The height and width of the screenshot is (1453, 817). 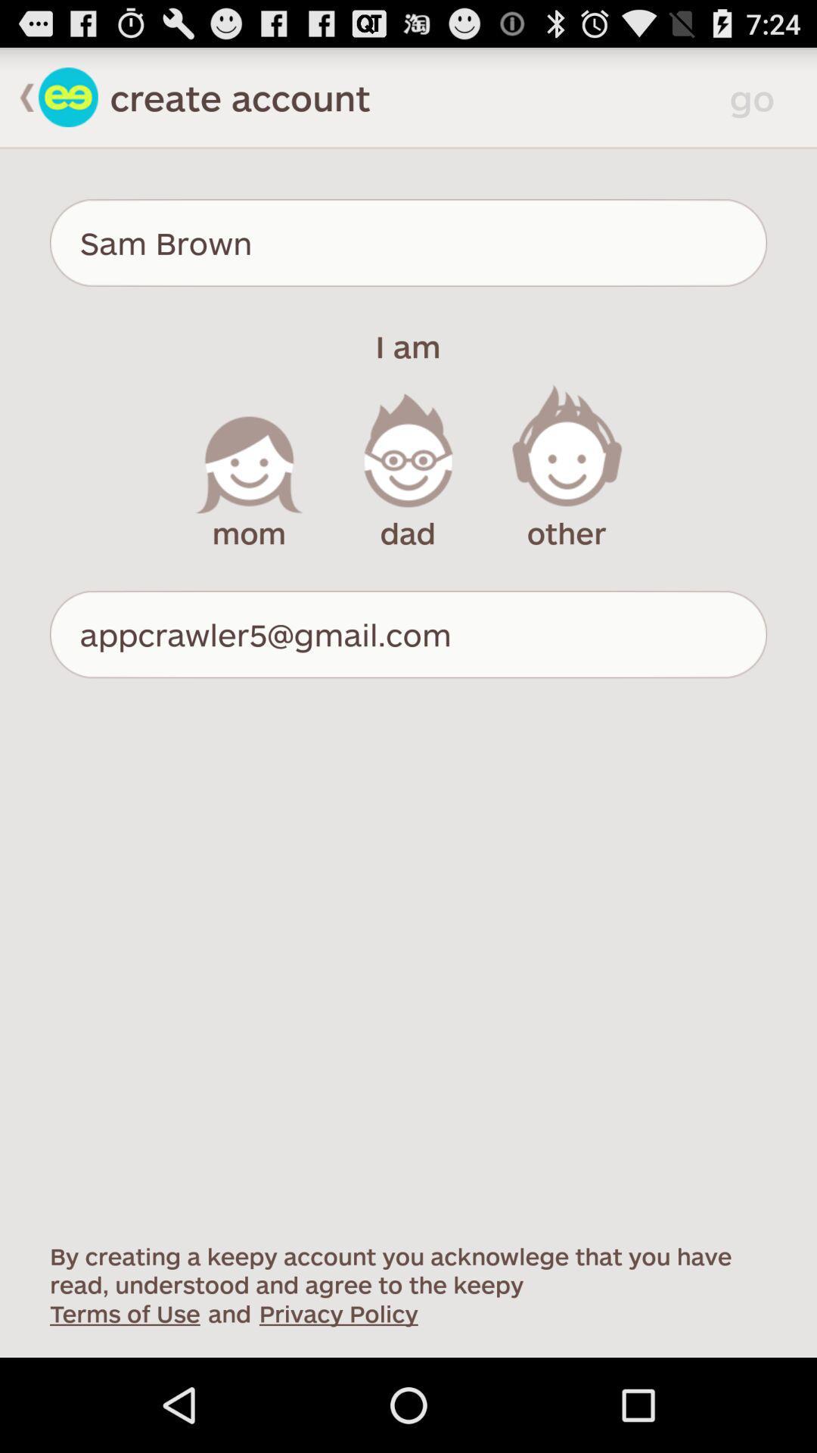 I want to click on the text terms of use, so click(x=124, y=1311).